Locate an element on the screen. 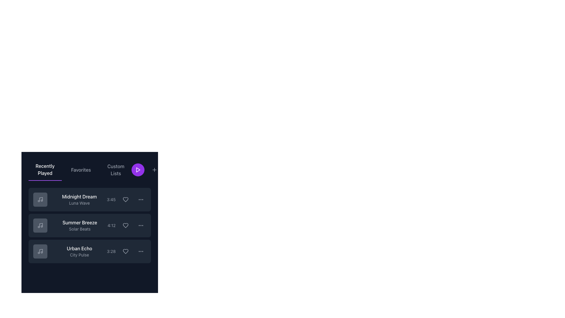 The image size is (565, 318). the circular button with a plus icon at its center, positioned to the right of the purple circular play button is located at coordinates (154, 170).